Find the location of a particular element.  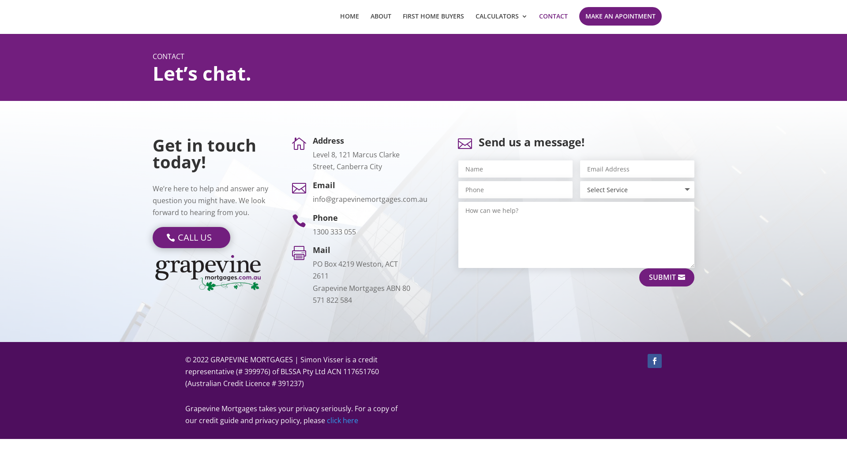

'Email' is located at coordinates (323, 185).